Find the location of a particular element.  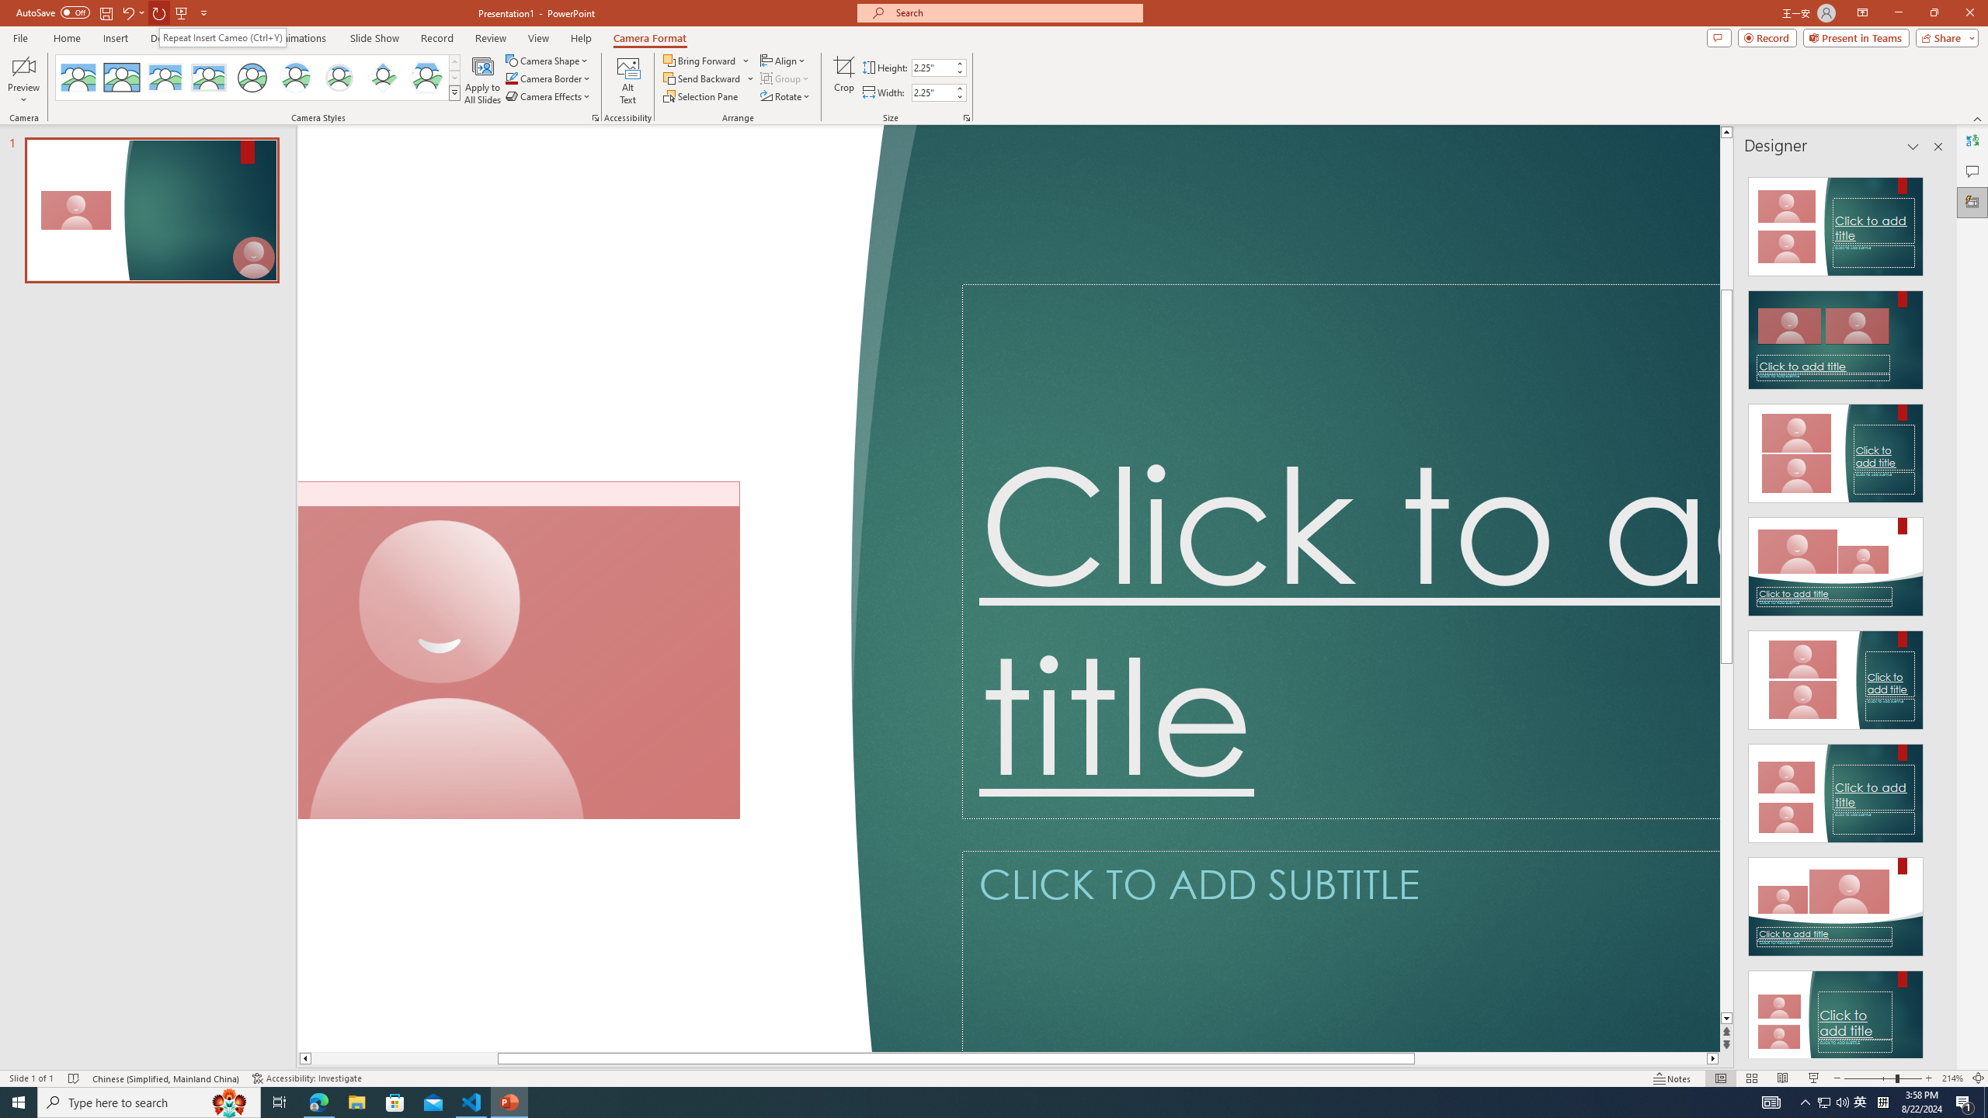

'Center Shadow Diamond' is located at coordinates (383, 77).